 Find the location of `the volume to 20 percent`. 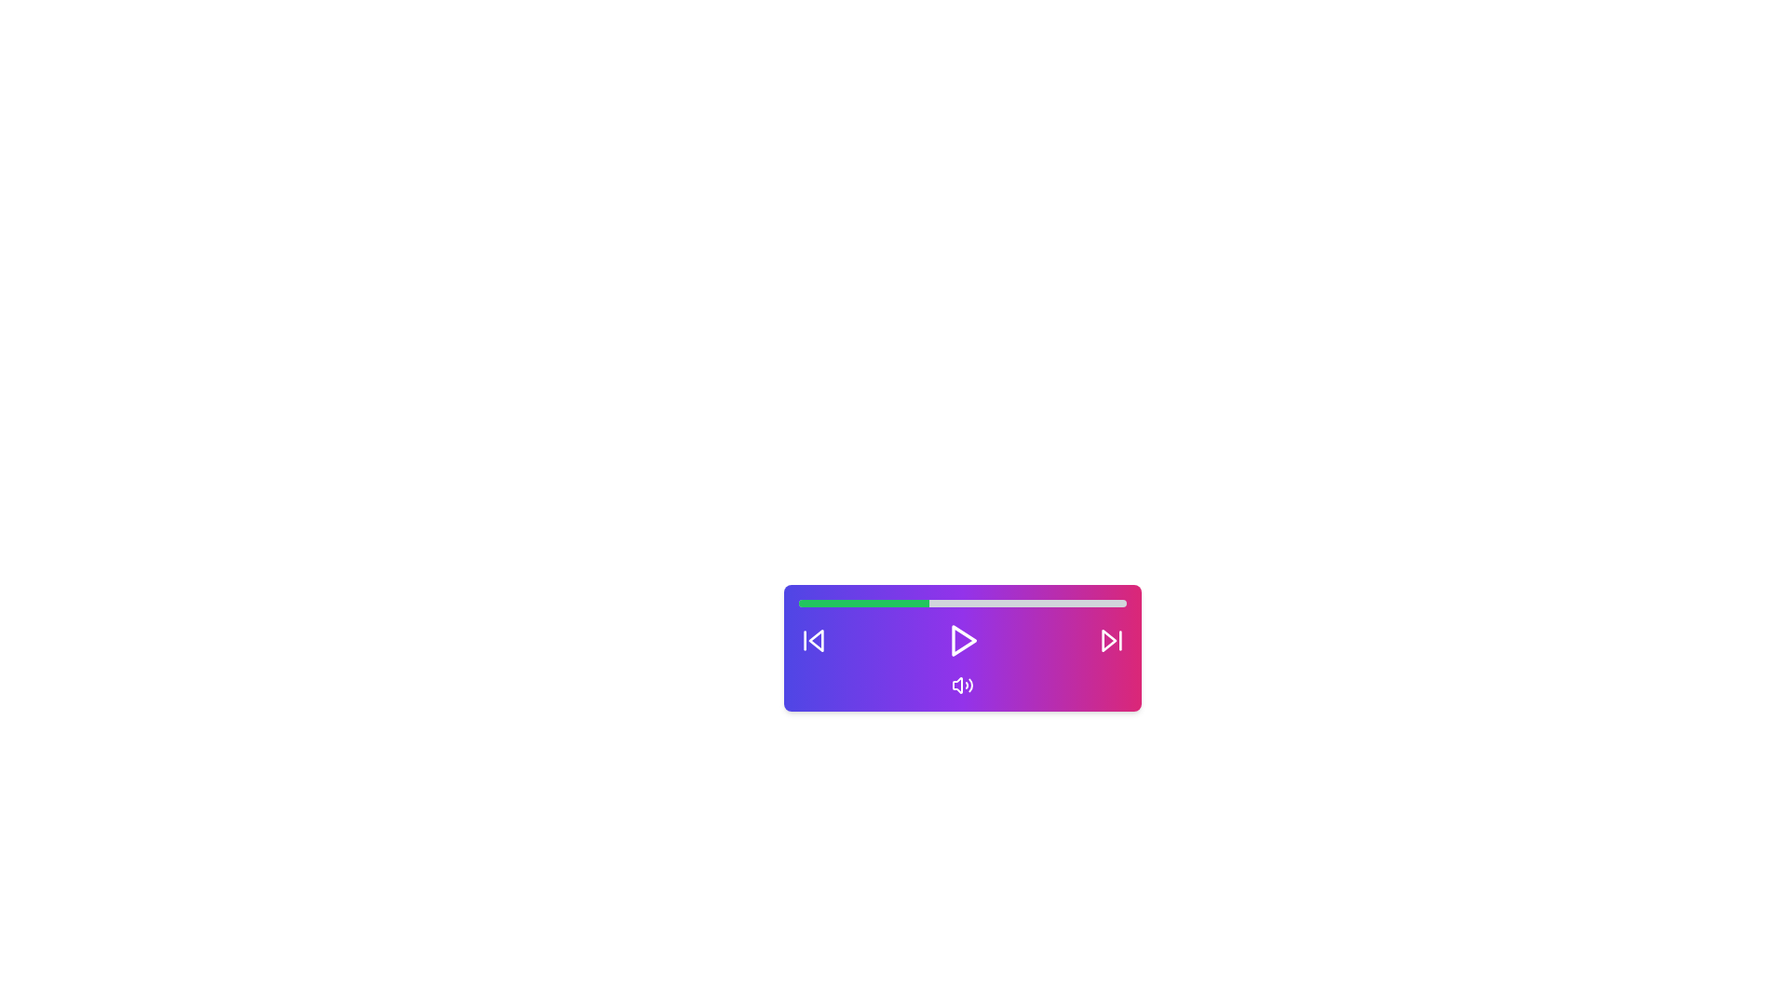

the volume to 20 percent is located at coordinates (862, 604).